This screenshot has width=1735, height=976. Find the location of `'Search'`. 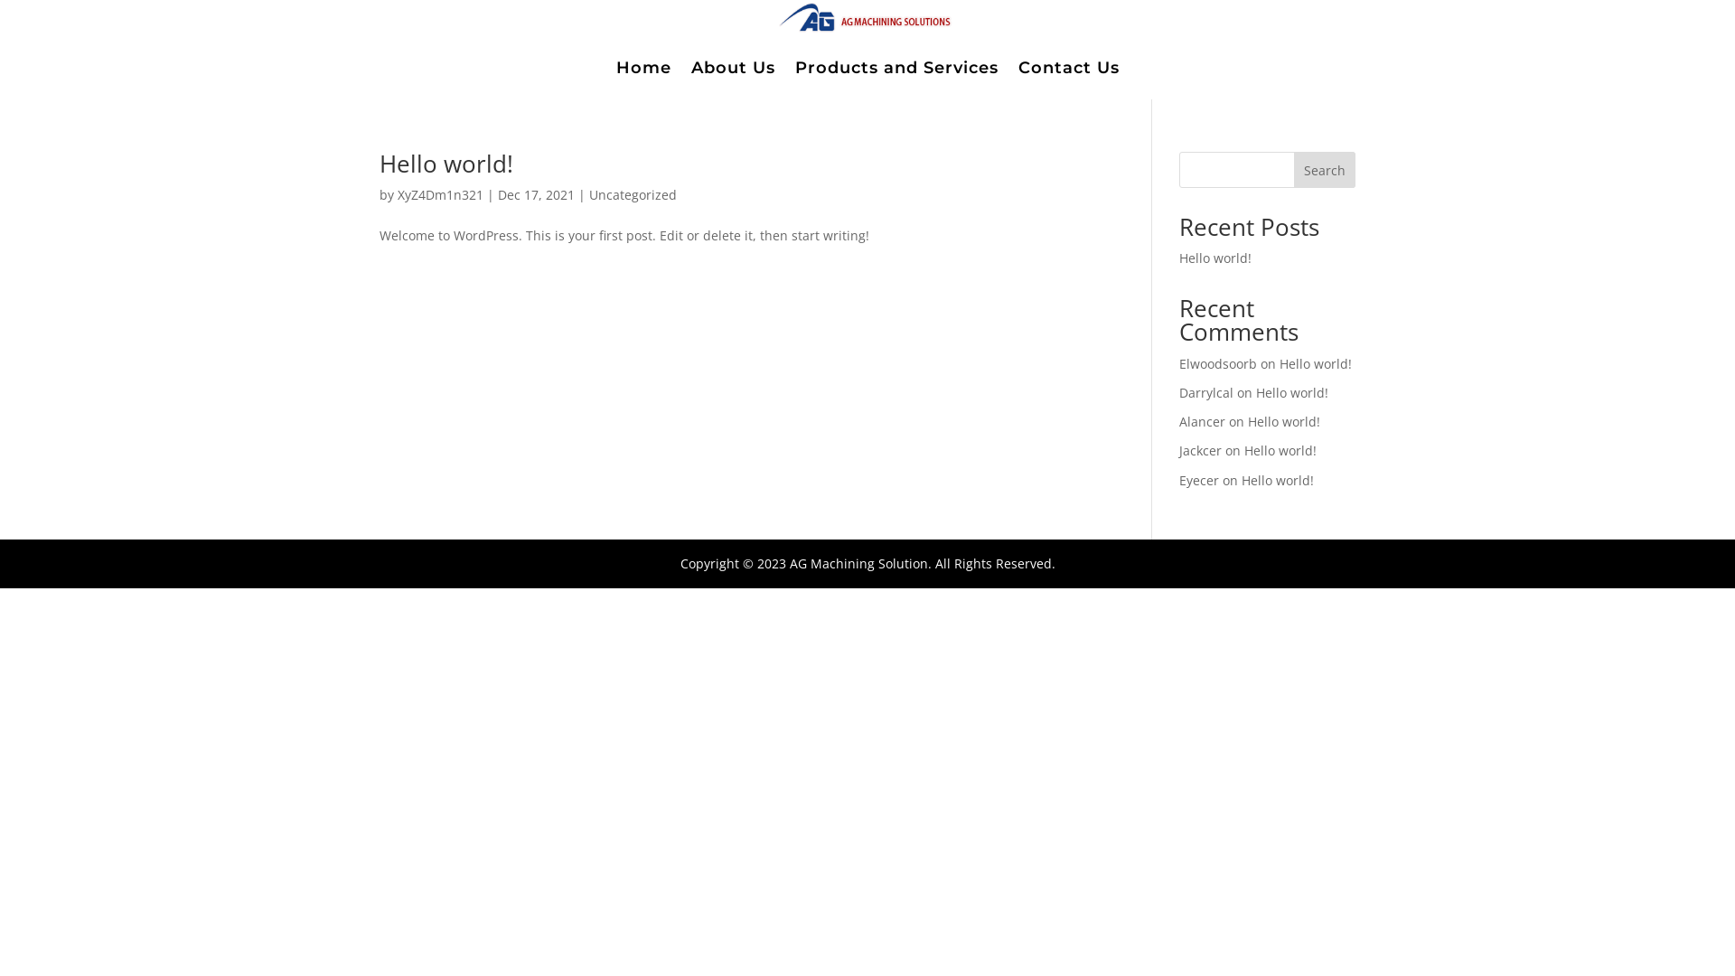

'Search' is located at coordinates (1292, 170).